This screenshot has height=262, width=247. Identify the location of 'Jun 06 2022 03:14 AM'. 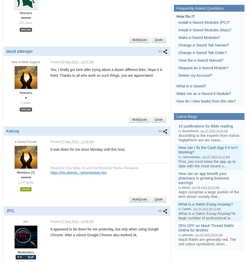
(206, 187).